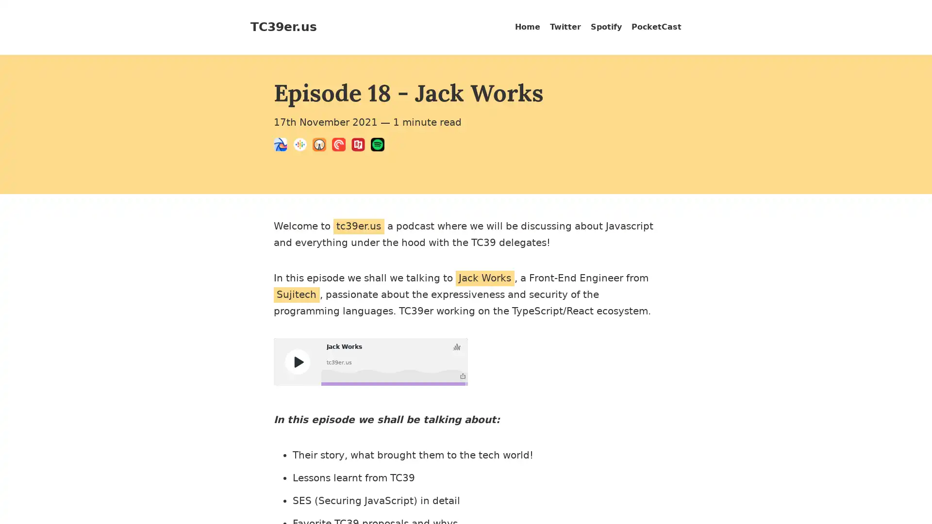 Image resolution: width=932 pixels, height=524 pixels. What do you see at coordinates (342, 146) in the screenshot?
I see `Pocket Casts Logo` at bounding box center [342, 146].